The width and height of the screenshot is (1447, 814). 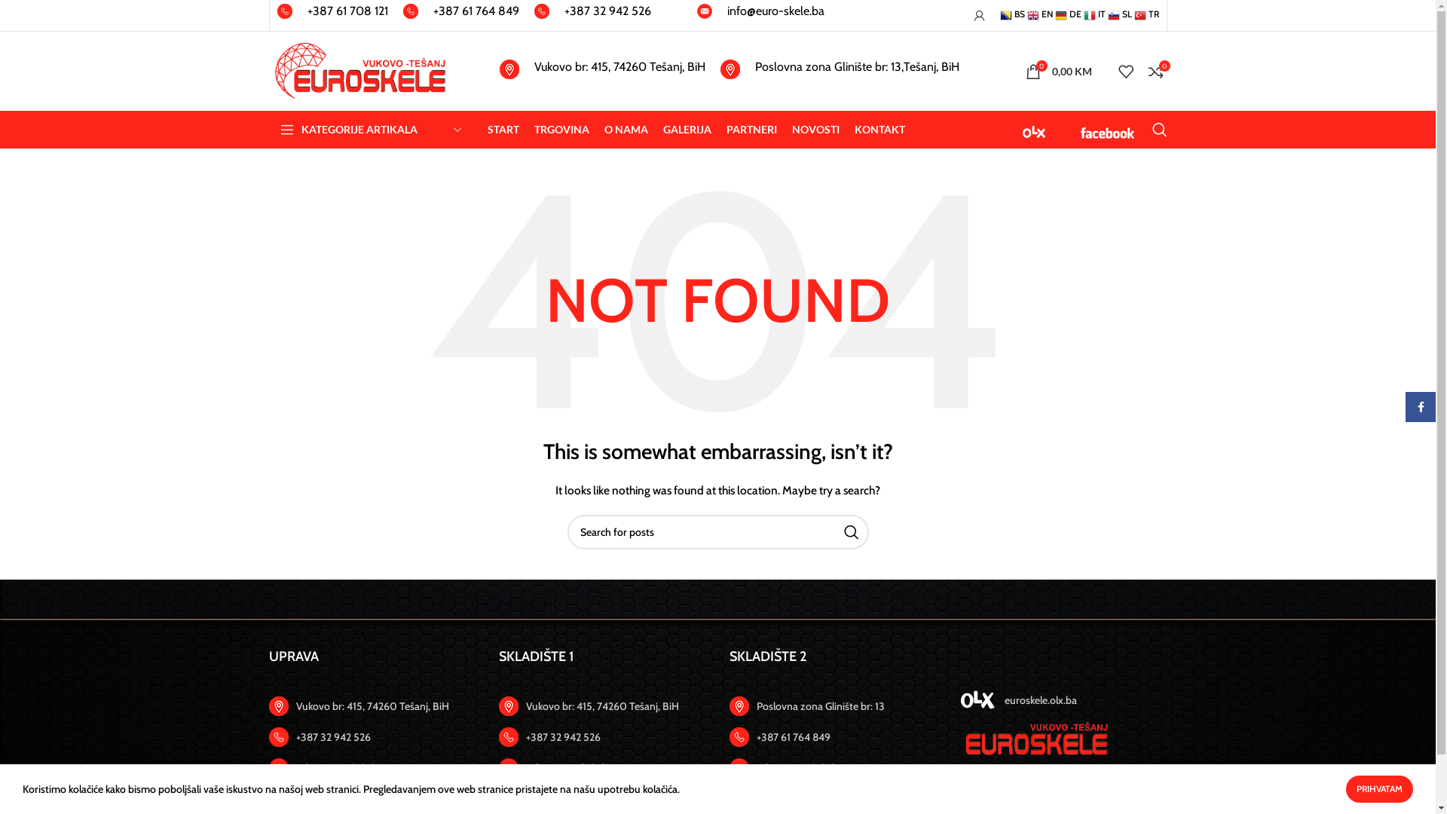 What do you see at coordinates (1379, 788) in the screenshot?
I see `'PRIHVATAM'` at bounding box center [1379, 788].